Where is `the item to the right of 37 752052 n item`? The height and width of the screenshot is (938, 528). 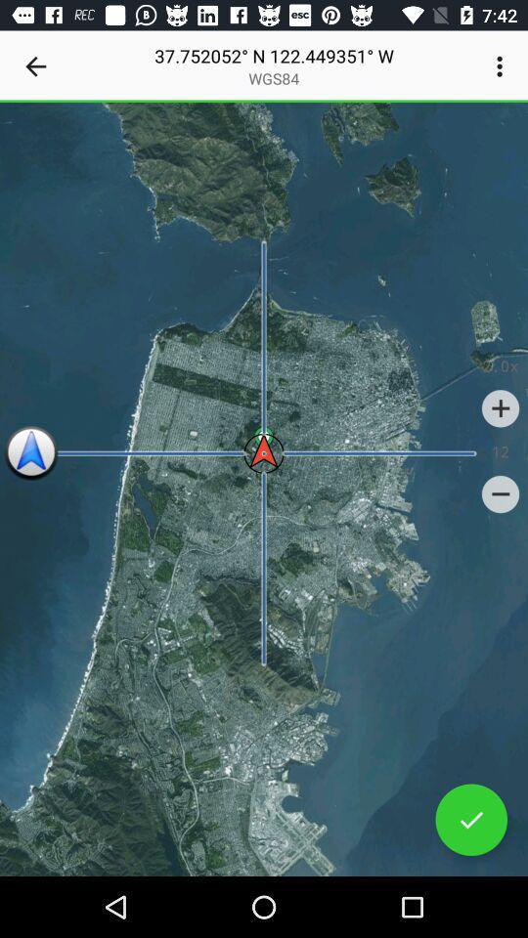
the item to the right of 37 752052 n item is located at coordinates (502, 66).